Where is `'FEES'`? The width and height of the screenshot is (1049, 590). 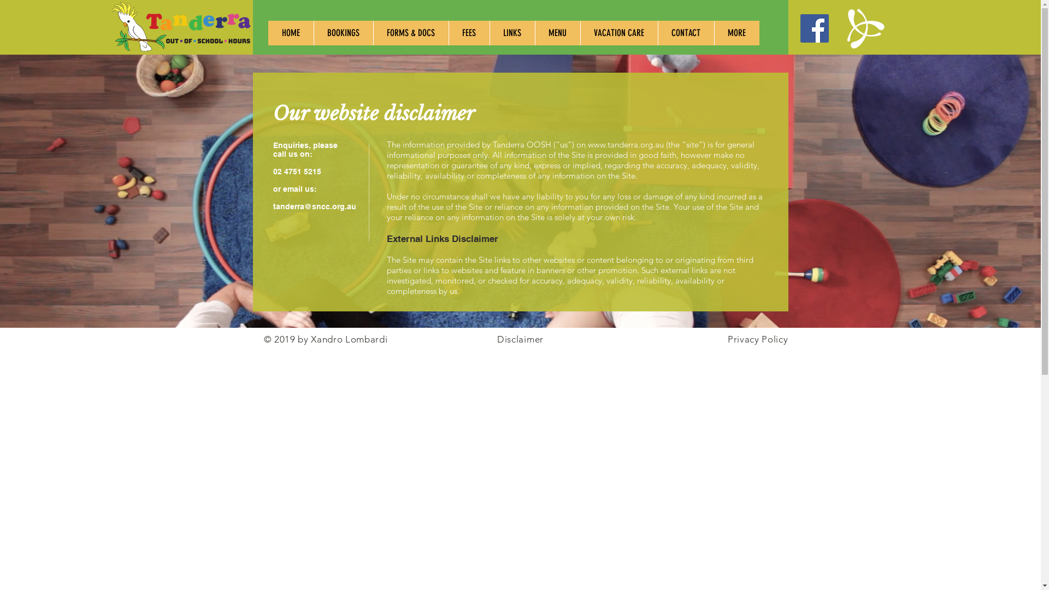
'FEES' is located at coordinates (468, 32).